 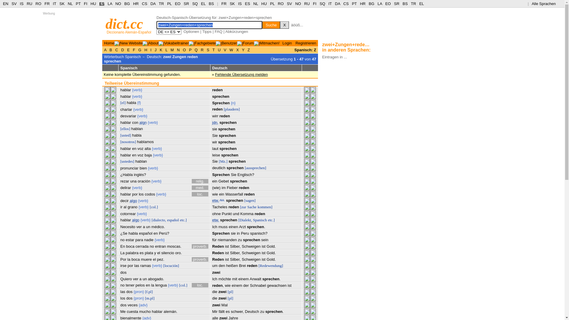 What do you see at coordinates (226, 259) in the screenshot?
I see `'ist'` at bounding box center [226, 259].